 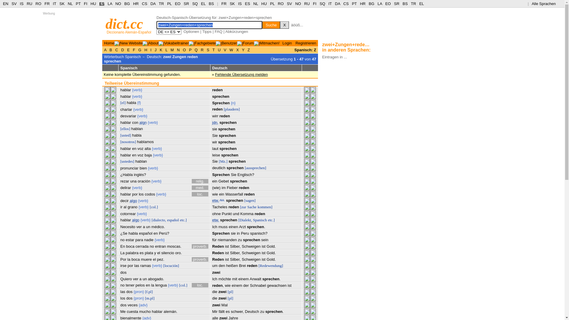 What do you see at coordinates (226, 259) in the screenshot?
I see `'ist'` at bounding box center [226, 259].